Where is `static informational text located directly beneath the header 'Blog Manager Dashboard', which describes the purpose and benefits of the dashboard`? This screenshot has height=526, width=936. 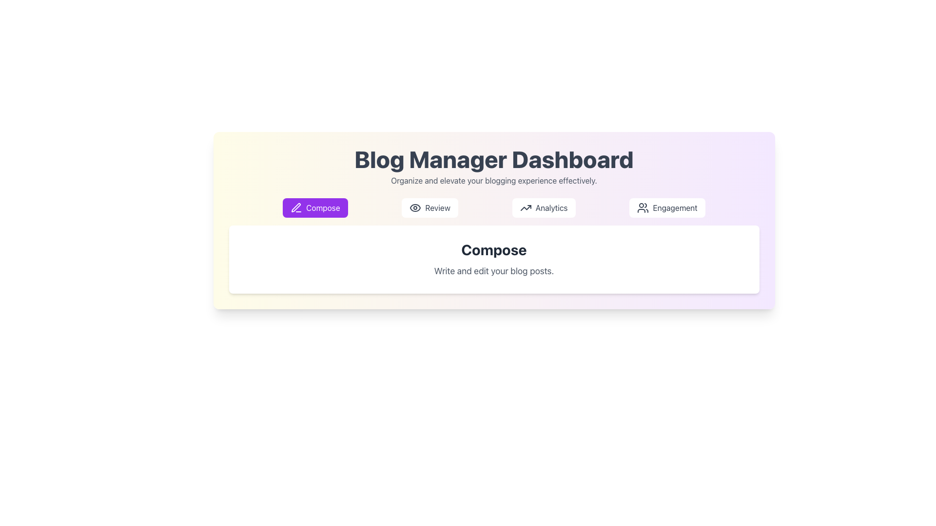
static informational text located directly beneath the header 'Blog Manager Dashboard', which describes the purpose and benefits of the dashboard is located at coordinates (494, 180).